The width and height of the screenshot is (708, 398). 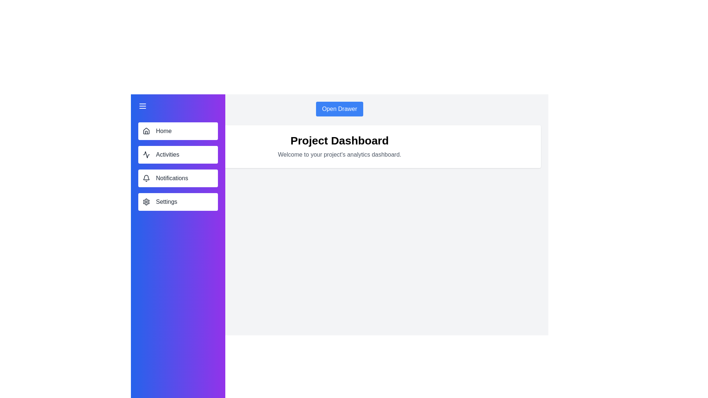 What do you see at coordinates (178, 178) in the screenshot?
I see `the menu item labeled Notifications to navigate to the corresponding section` at bounding box center [178, 178].